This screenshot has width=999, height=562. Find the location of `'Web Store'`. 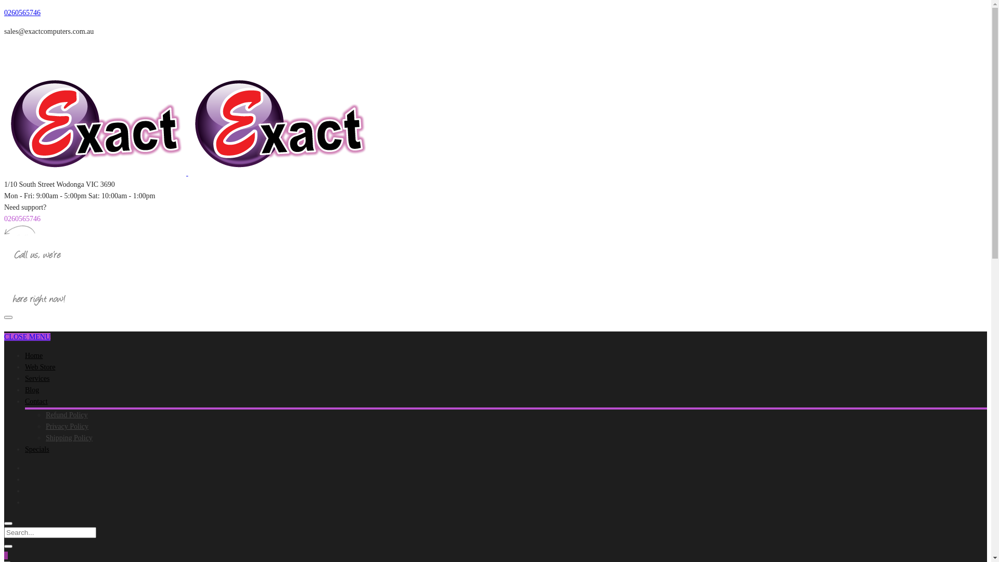

'Web Store' is located at coordinates (25, 366).